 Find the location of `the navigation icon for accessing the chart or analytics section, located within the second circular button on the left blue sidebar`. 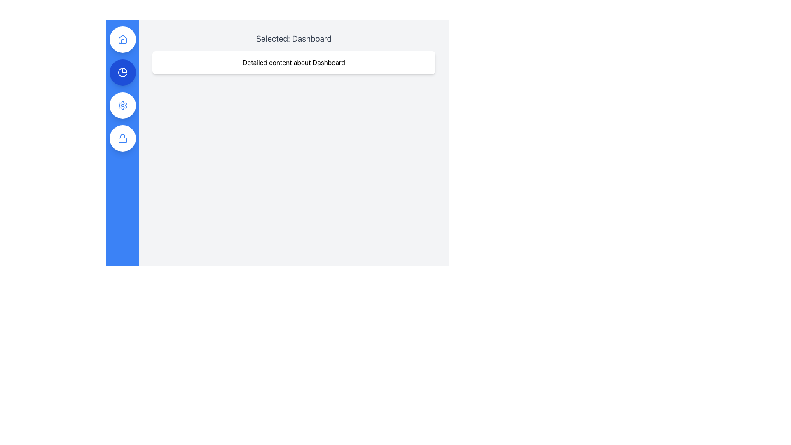

the navigation icon for accessing the chart or analytics section, located within the second circular button on the left blue sidebar is located at coordinates (122, 72).